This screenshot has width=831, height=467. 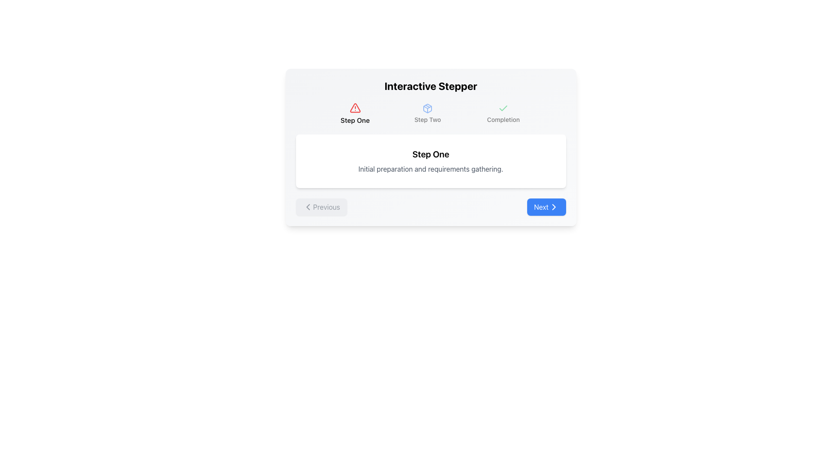 What do you see at coordinates (428, 108) in the screenshot?
I see `the second status icon in the stepper component, which indicates the second step in a multi-step interactive process` at bounding box center [428, 108].